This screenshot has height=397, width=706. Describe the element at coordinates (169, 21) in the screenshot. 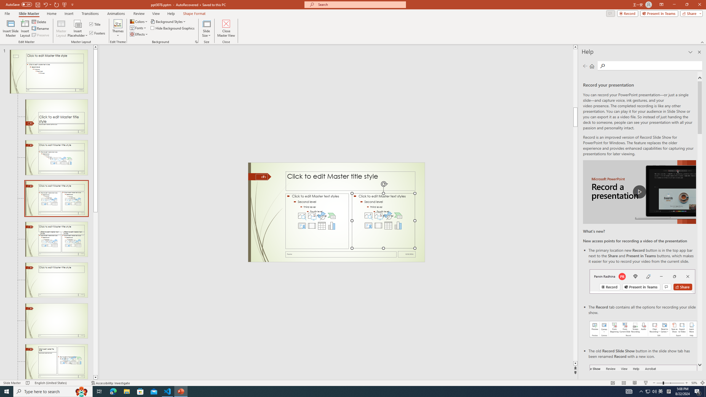

I see `'Background Styles'` at that location.